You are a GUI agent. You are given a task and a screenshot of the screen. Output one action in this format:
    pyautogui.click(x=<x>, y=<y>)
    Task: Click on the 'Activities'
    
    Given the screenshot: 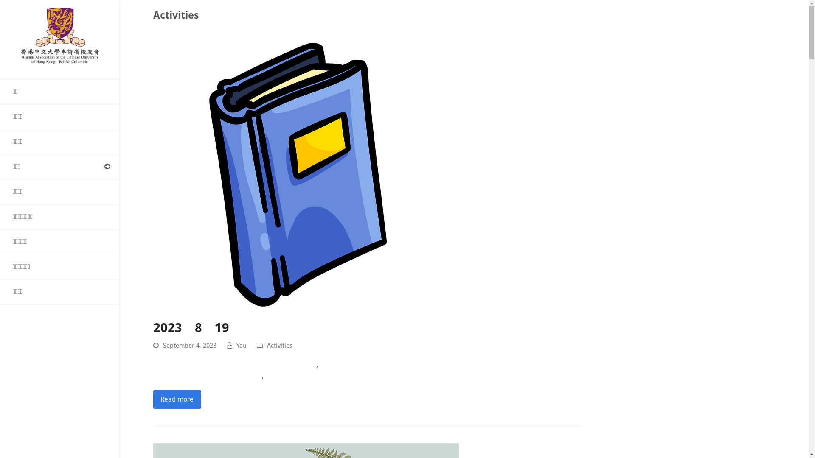 What is the action you would take?
    pyautogui.click(x=279, y=345)
    